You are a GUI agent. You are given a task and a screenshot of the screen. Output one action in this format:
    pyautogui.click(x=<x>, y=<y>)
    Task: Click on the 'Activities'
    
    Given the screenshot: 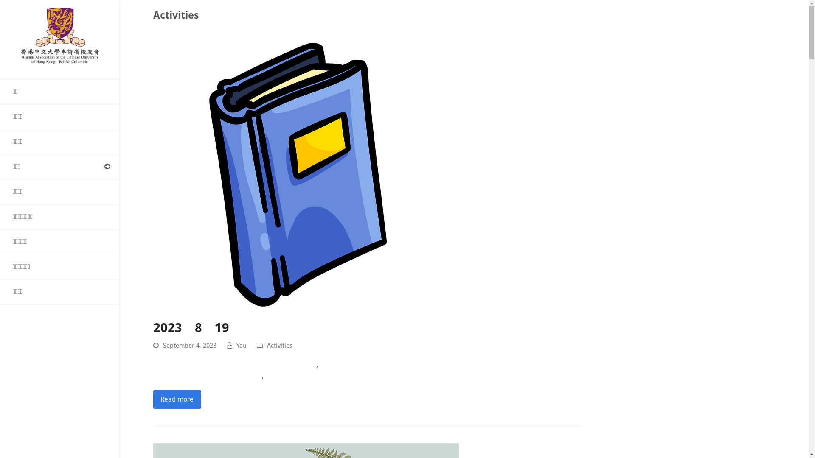 What is the action you would take?
    pyautogui.click(x=279, y=345)
    